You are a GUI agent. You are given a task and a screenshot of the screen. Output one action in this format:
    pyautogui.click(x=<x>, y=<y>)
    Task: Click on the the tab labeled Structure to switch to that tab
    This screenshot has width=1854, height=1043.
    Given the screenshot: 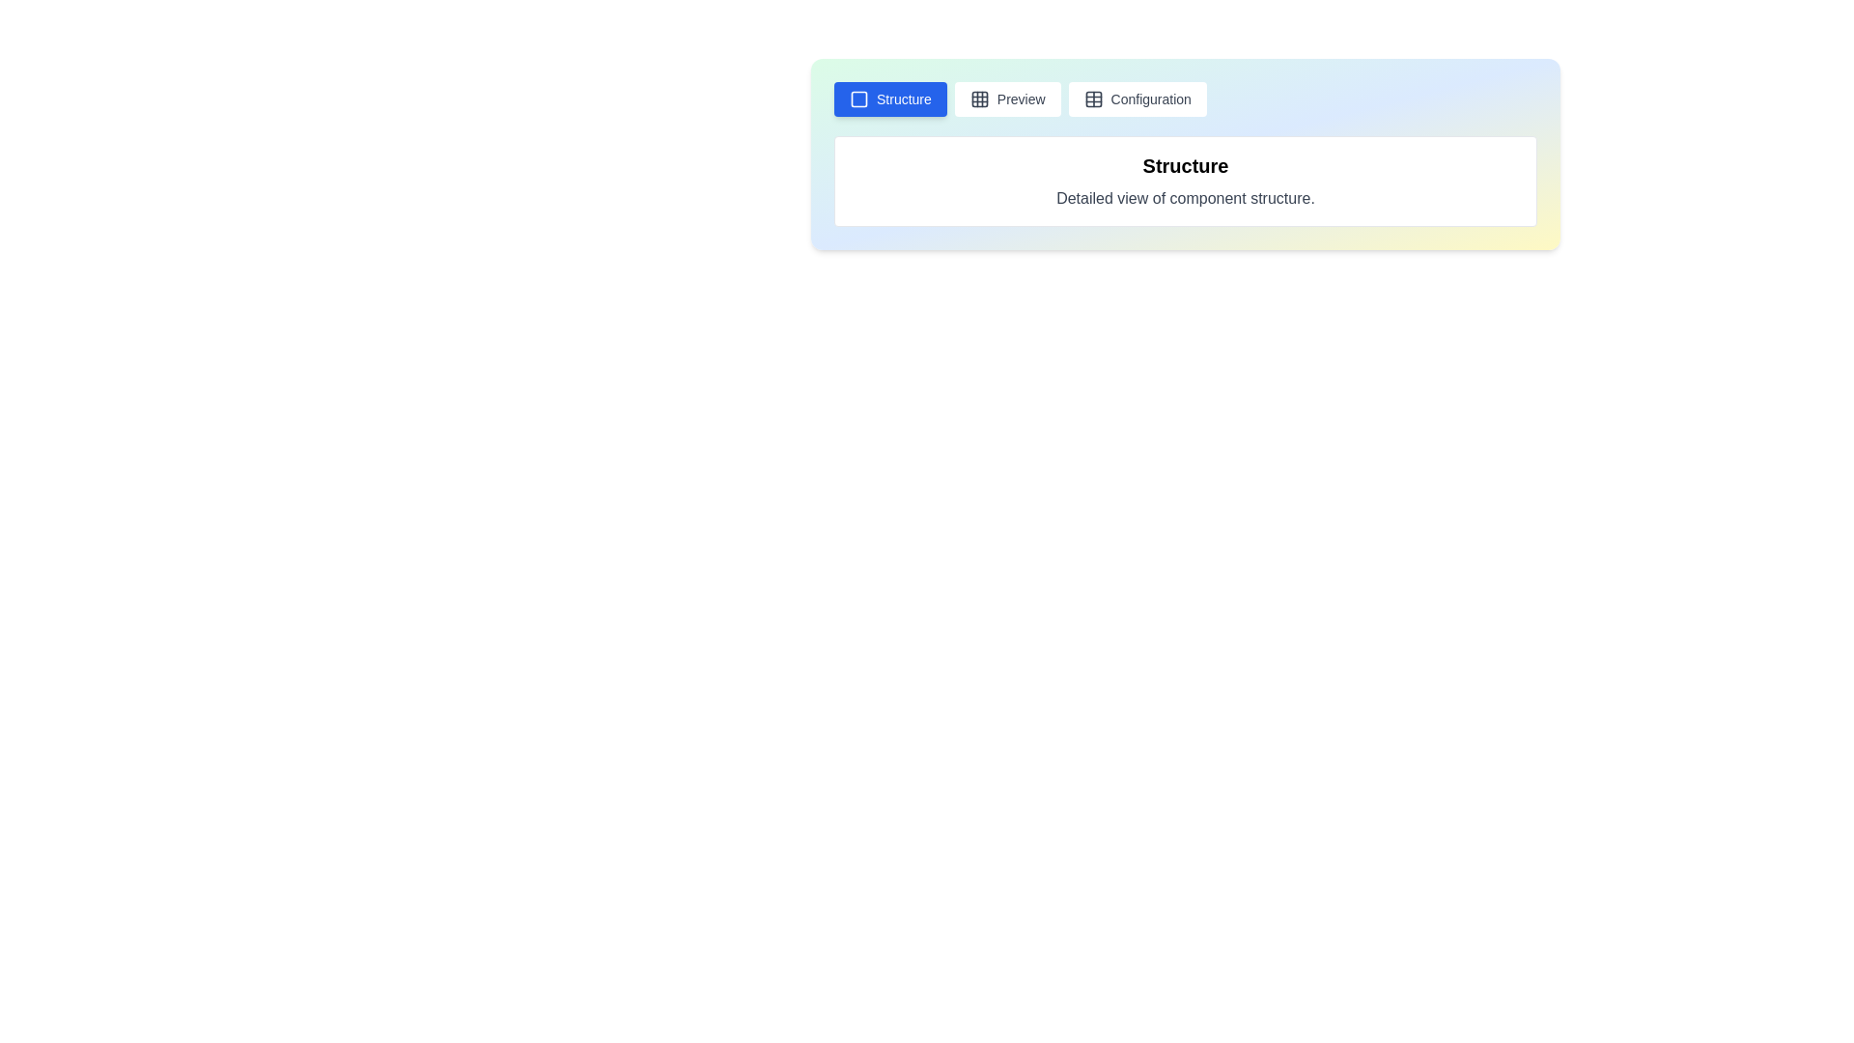 What is the action you would take?
    pyautogui.click(x=889, y=99)
    